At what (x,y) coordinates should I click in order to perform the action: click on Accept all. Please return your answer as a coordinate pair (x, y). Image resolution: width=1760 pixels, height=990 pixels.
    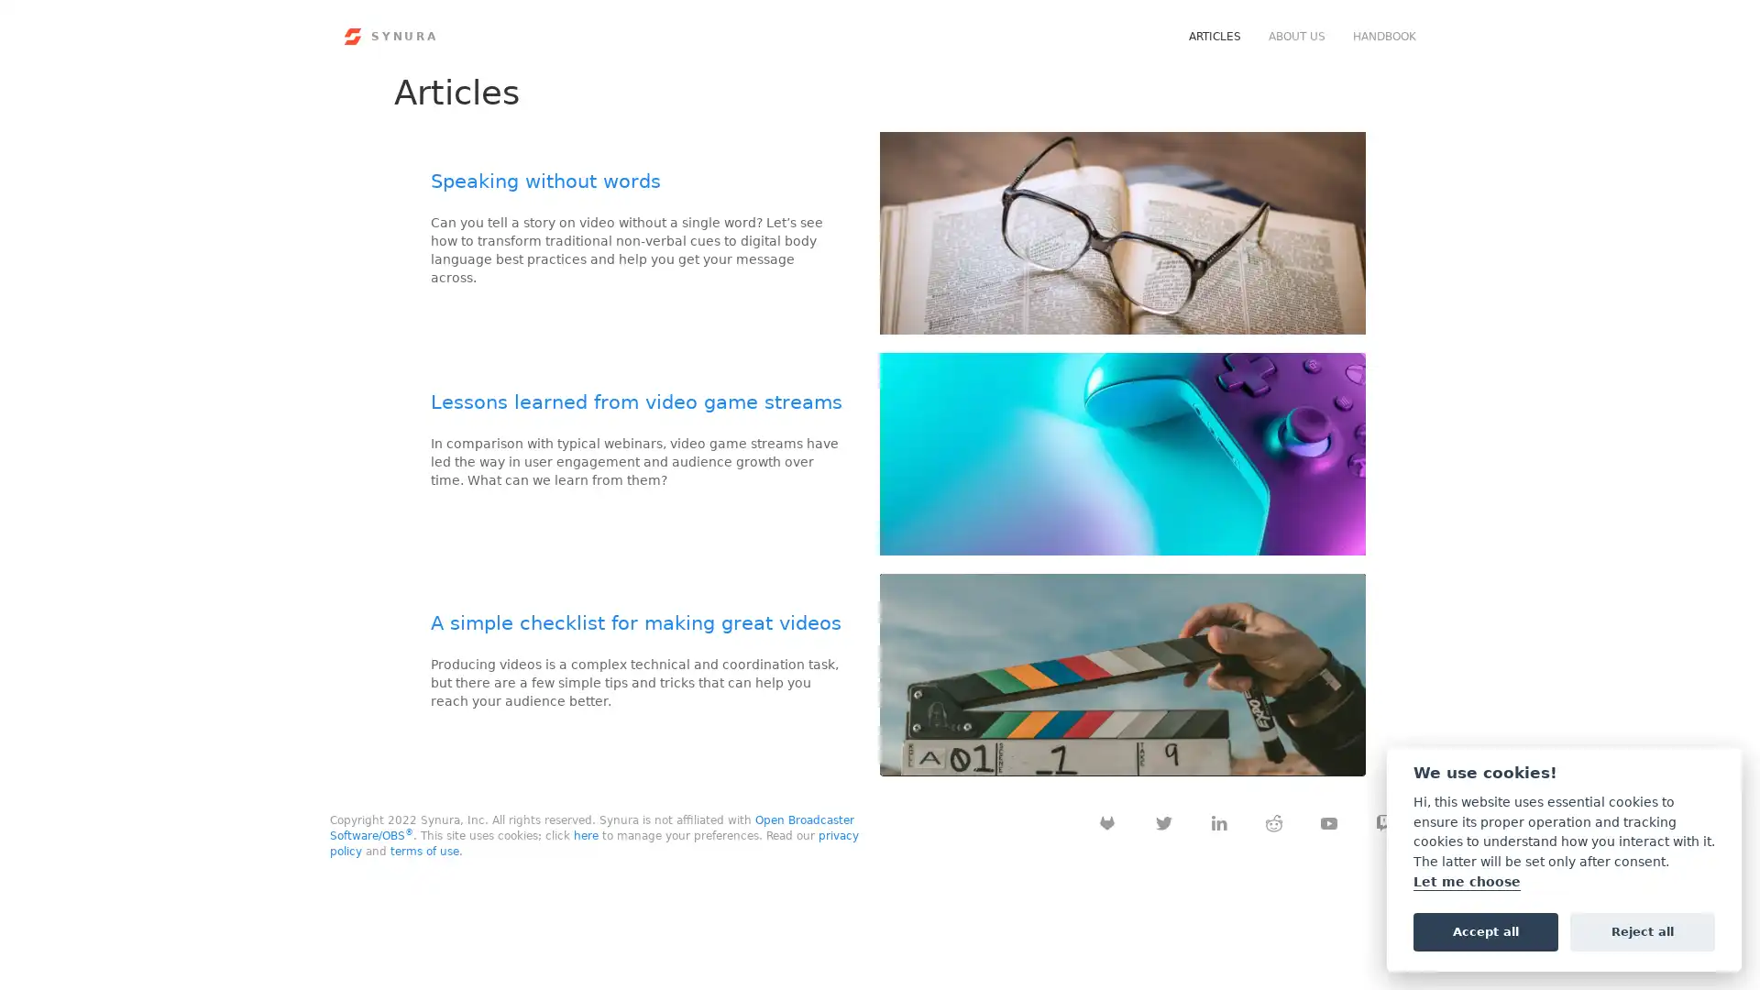
    Looking at the image, I should click on (1485, 930).